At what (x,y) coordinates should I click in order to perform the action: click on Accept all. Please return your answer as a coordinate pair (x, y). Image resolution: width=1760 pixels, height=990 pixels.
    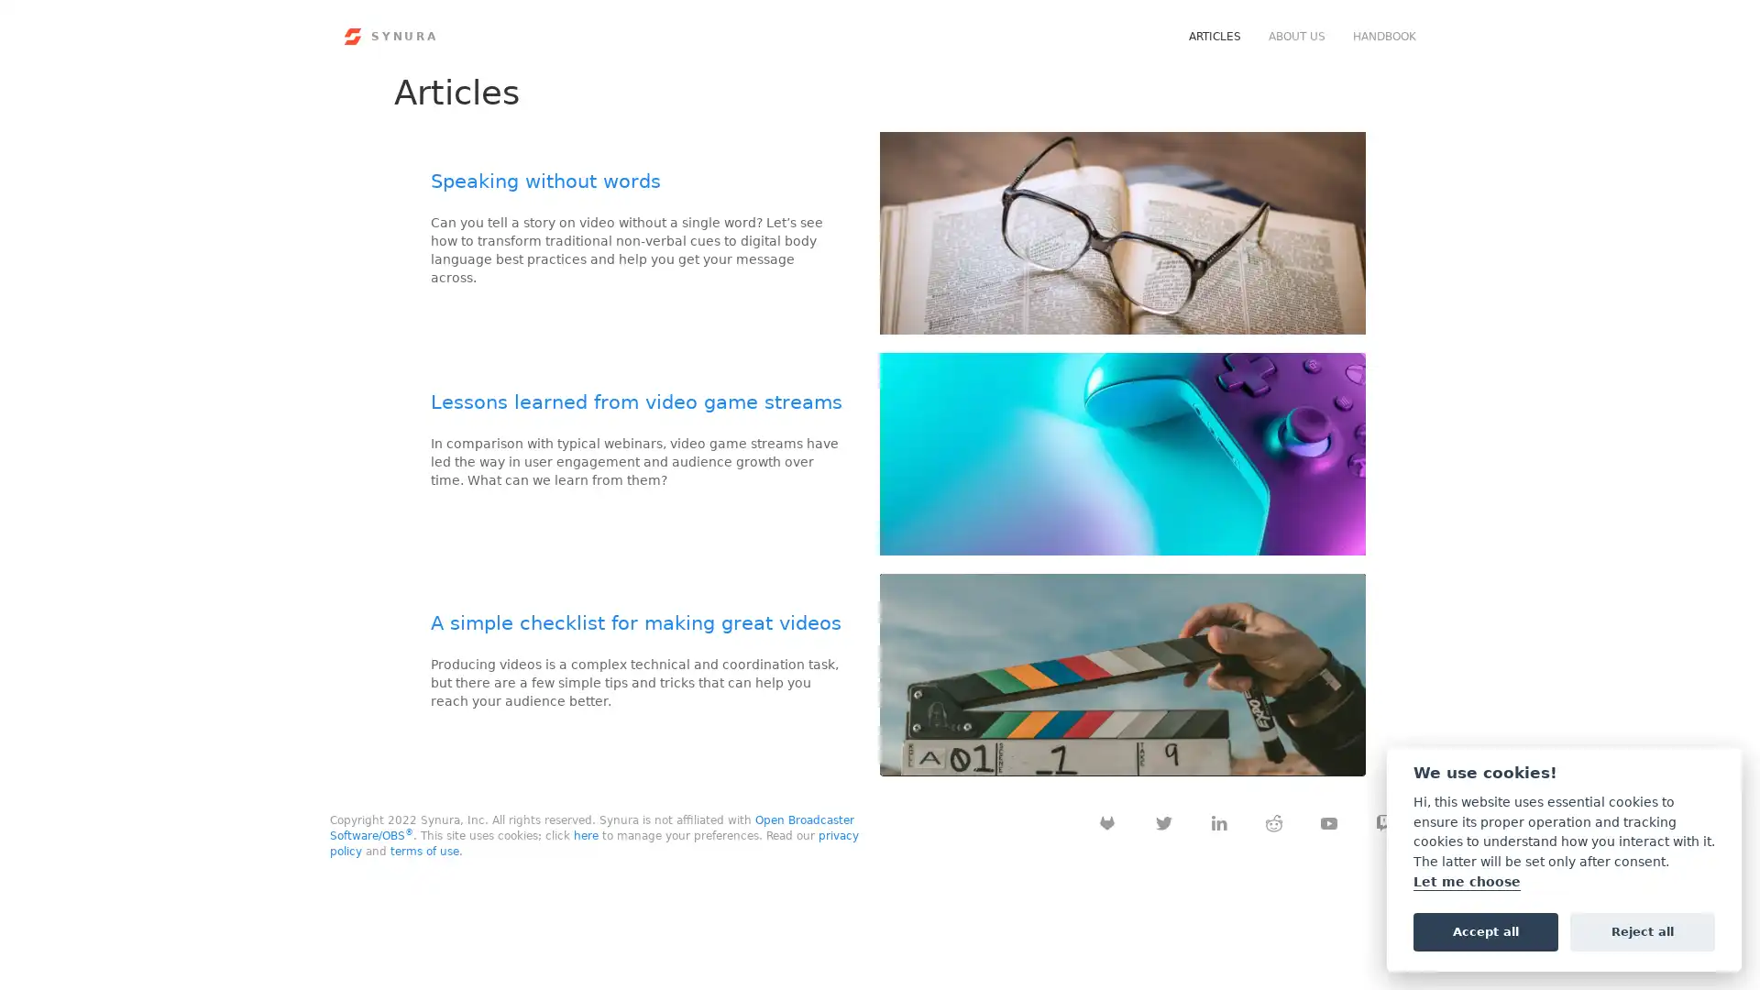
    Looking at the image, I should click on (1485, 930).